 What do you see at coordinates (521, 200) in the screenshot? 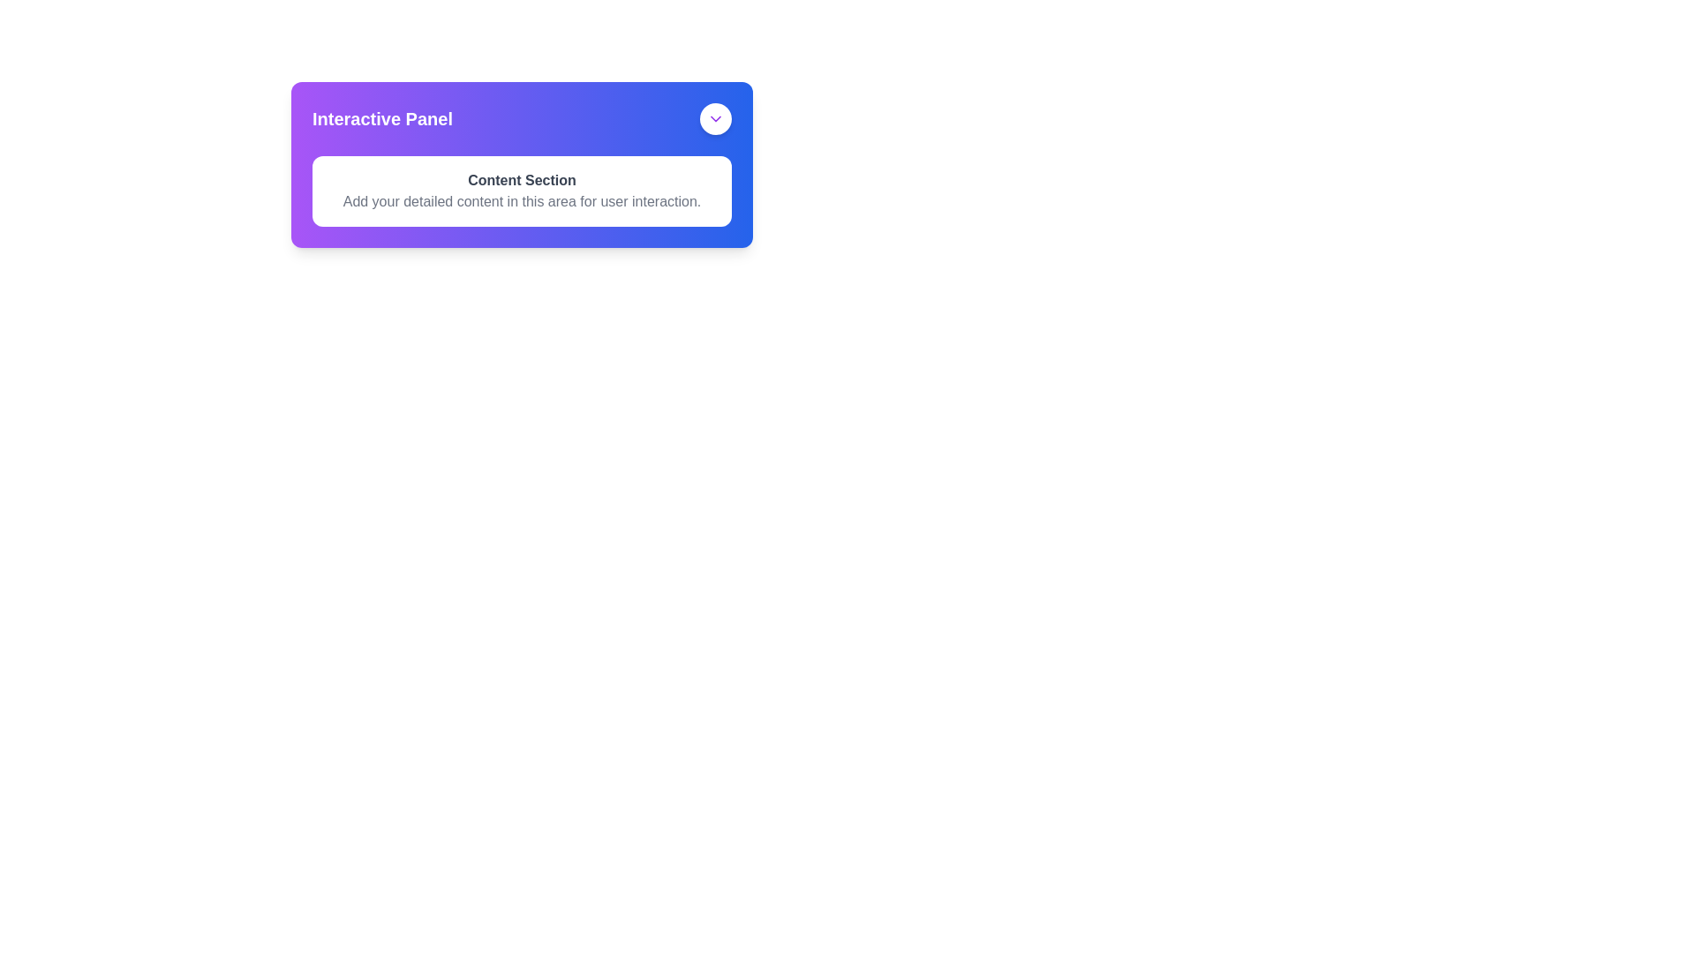
I see `the static text located directly below the title 'Content Section', which serves as a placeholder or informational guide for users` at bounding box center [521, 200].